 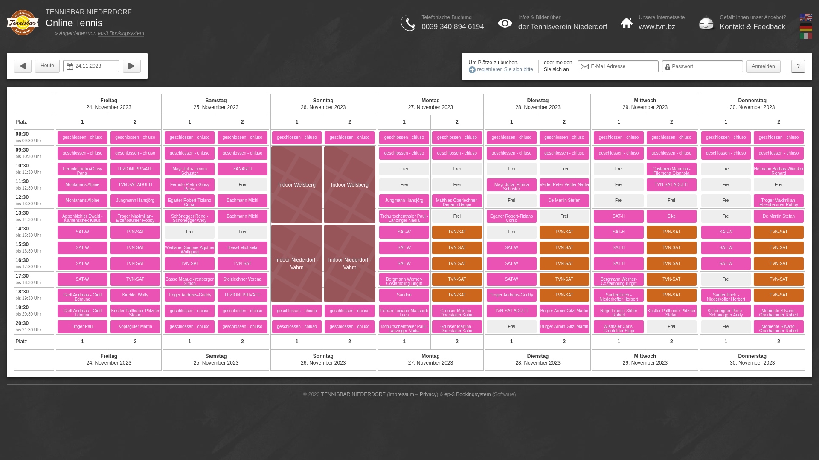 What do you see at coordinates (135, 326) in the screenshot?
I see `'Kopfsguter Martin'` at bounding box center [135, 326].